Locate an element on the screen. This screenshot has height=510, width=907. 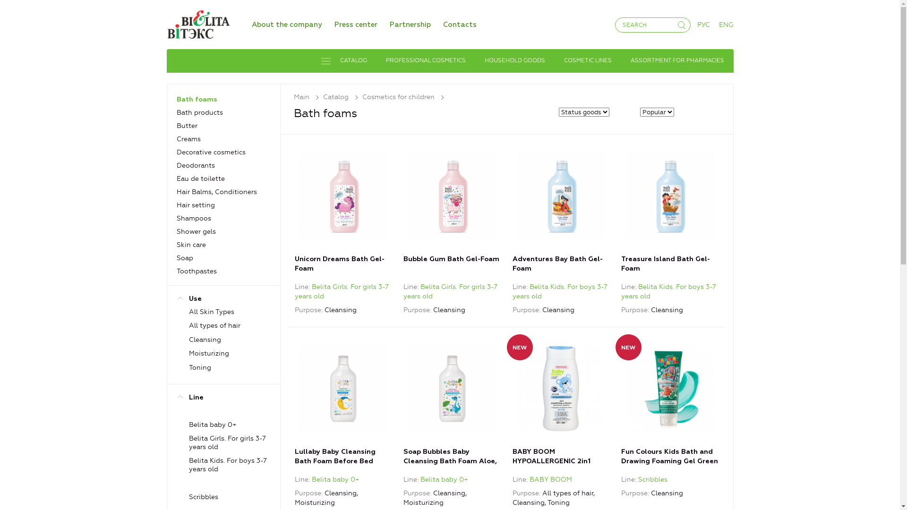
'Lullaby Baby Cleansing Bath Foam Before Bed Lavender Oil' is located at coordinates (342, 388).